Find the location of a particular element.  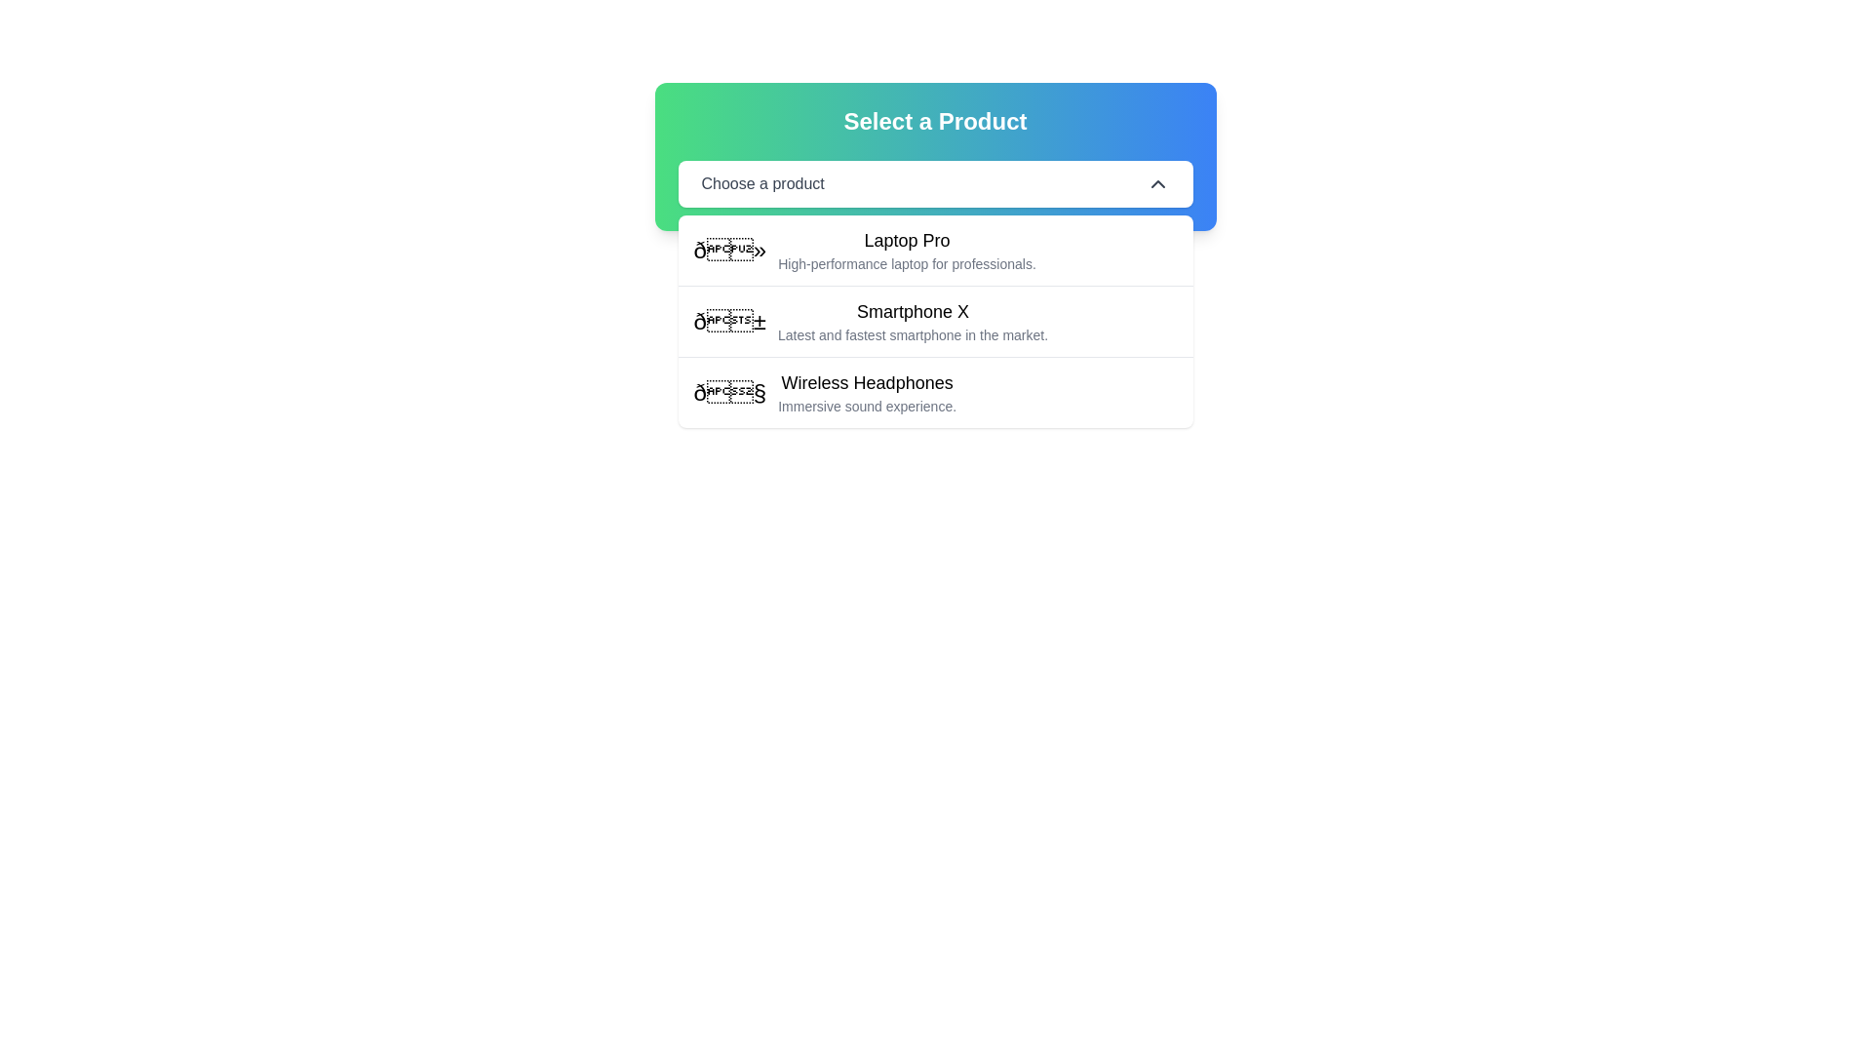

the second item in the dropdown menu is located at coordinates (912, 321).